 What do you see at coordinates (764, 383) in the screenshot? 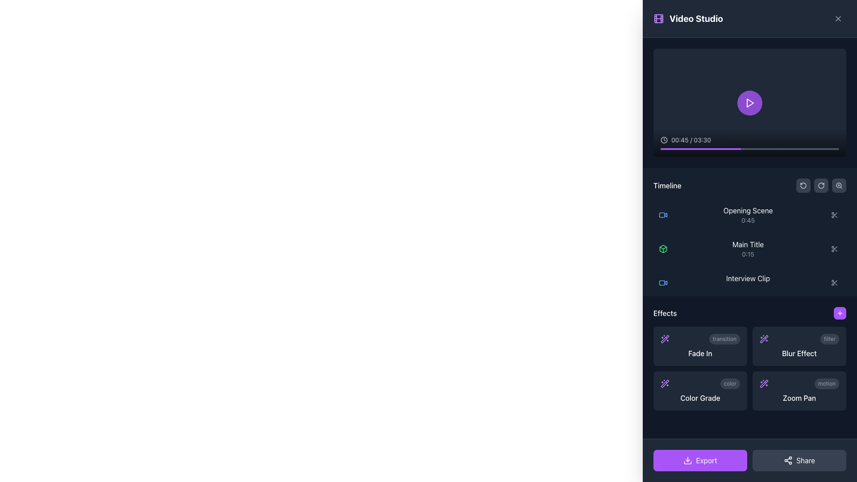
I see `the Decorative icon resembling a wand with sparkles` at bounding box center [764, 383].